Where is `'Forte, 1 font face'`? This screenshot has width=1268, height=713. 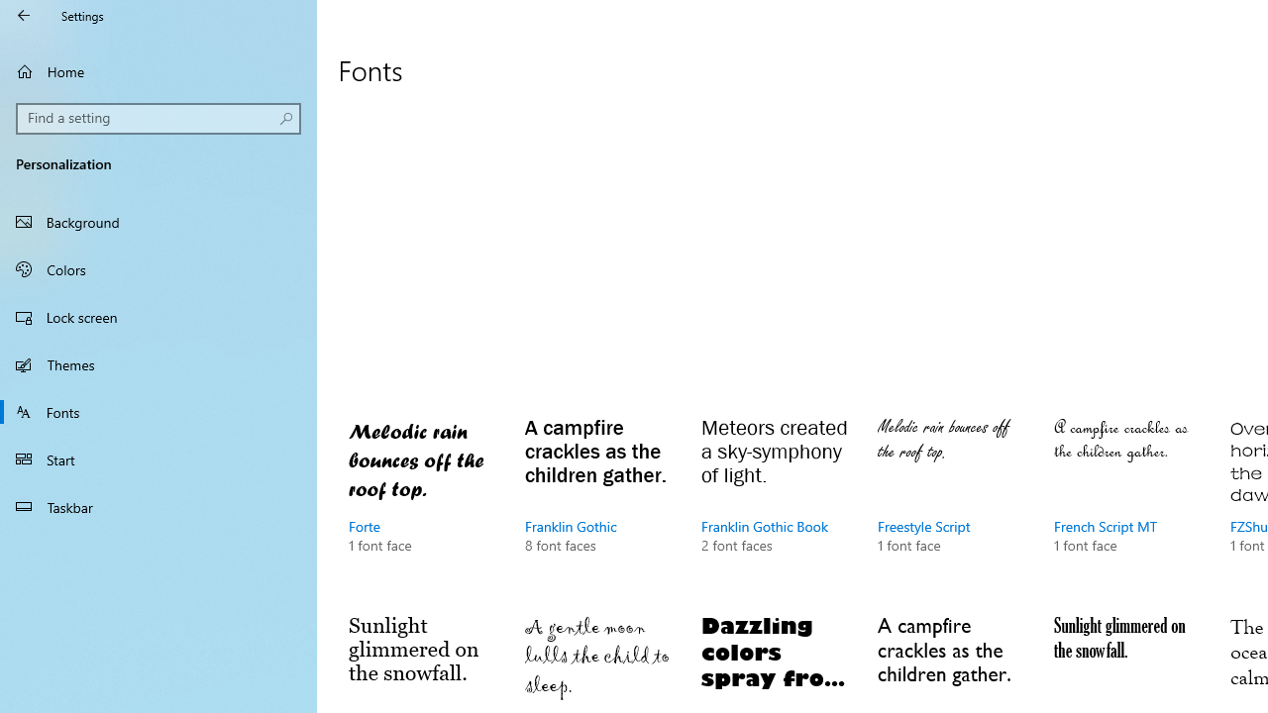
'Forte, 1 font face' is located at coordinates (421, 503).